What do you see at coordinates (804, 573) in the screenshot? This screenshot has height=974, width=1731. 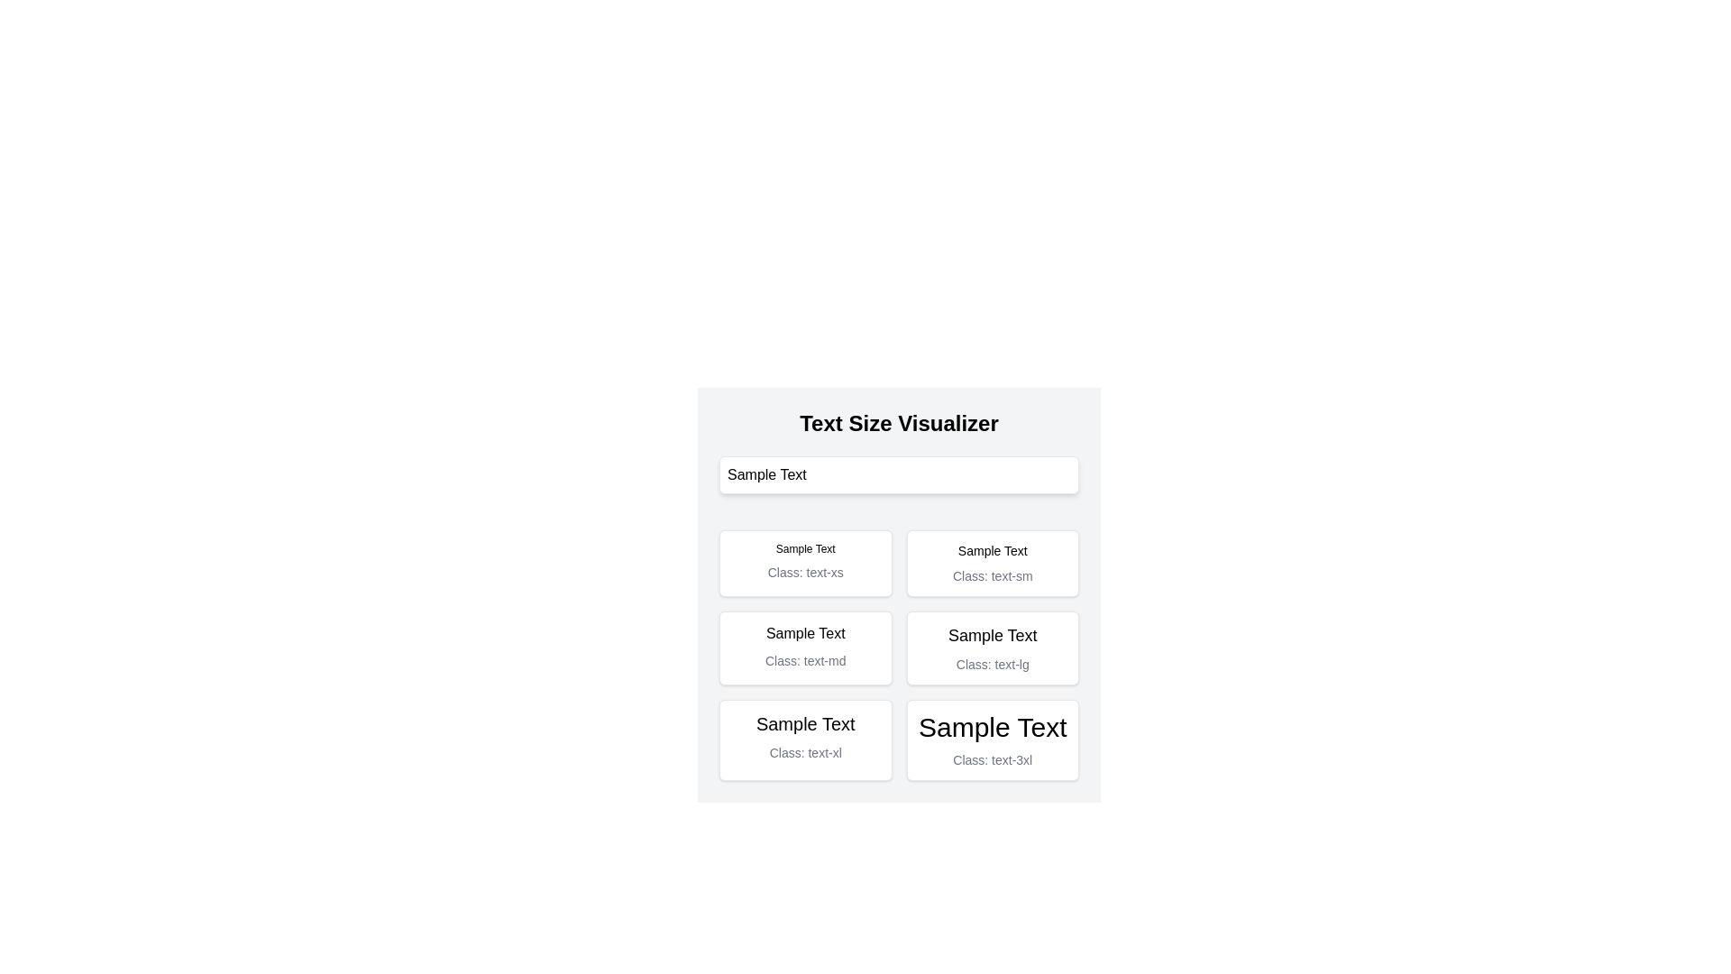 I see `the Text label that provides additional descriptive information about its sibling element above, located beneath the 'Sample Text' element in the upper-left of the grid interface` at bounding box center [804, 573].